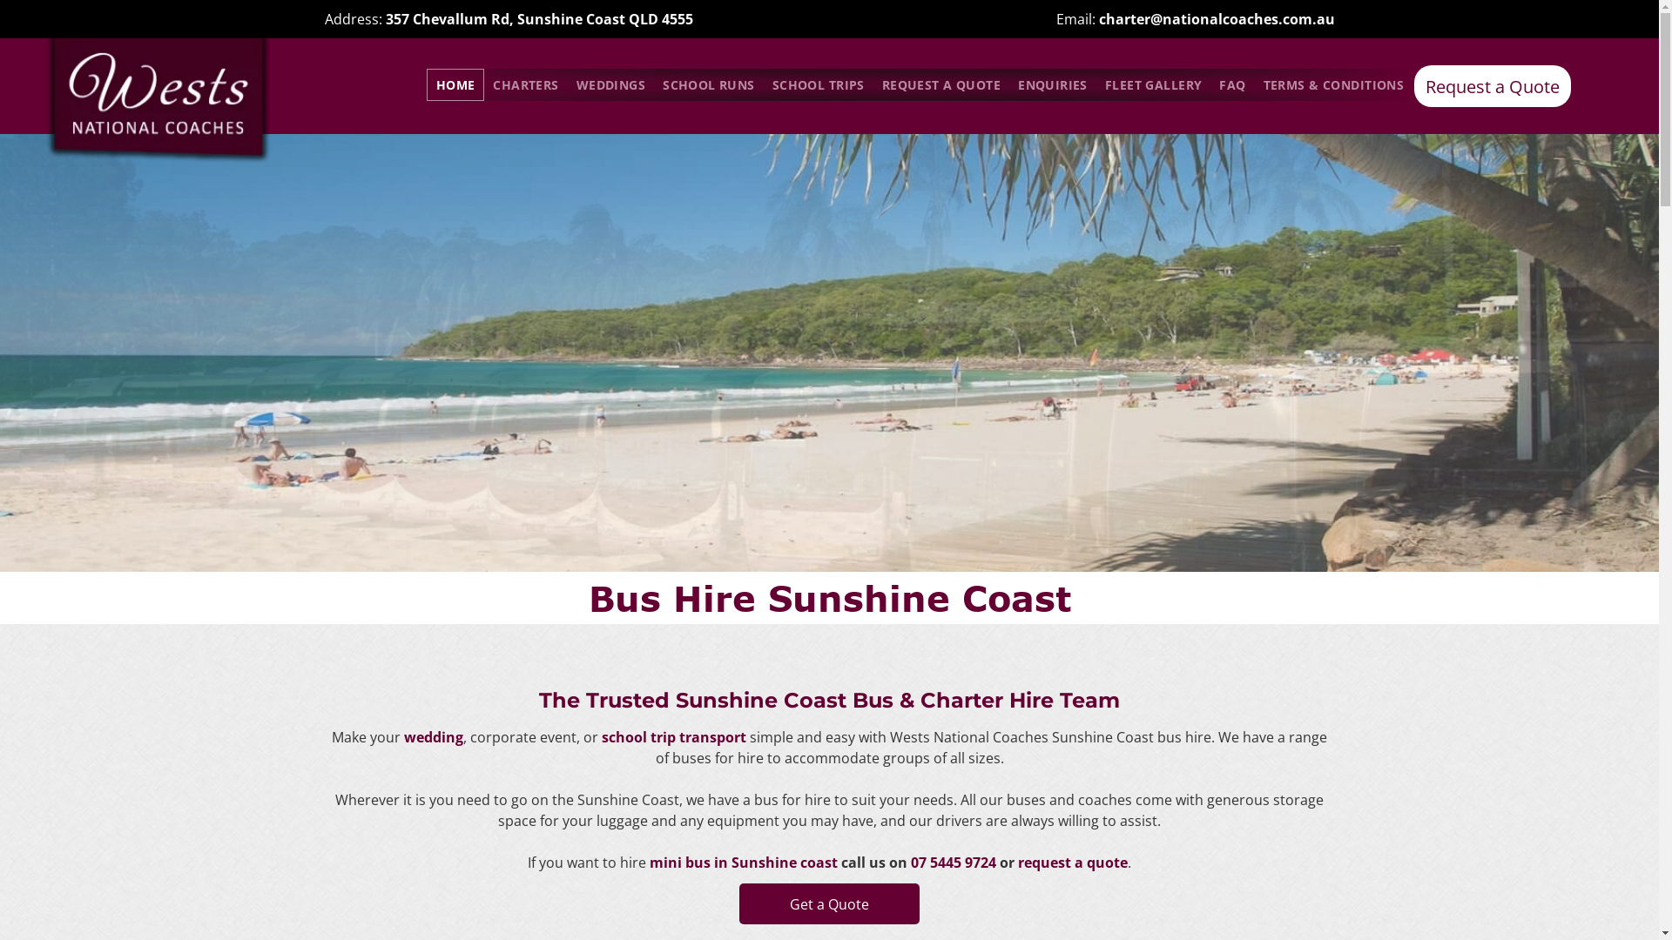 The width and height of the screenshot is (1672, 940). I want to click on 'SCHOOL TRIPS', so click(818, 84).